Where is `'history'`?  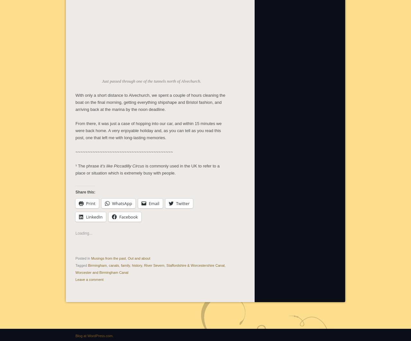
'history' is located at coordinates (136, 265).